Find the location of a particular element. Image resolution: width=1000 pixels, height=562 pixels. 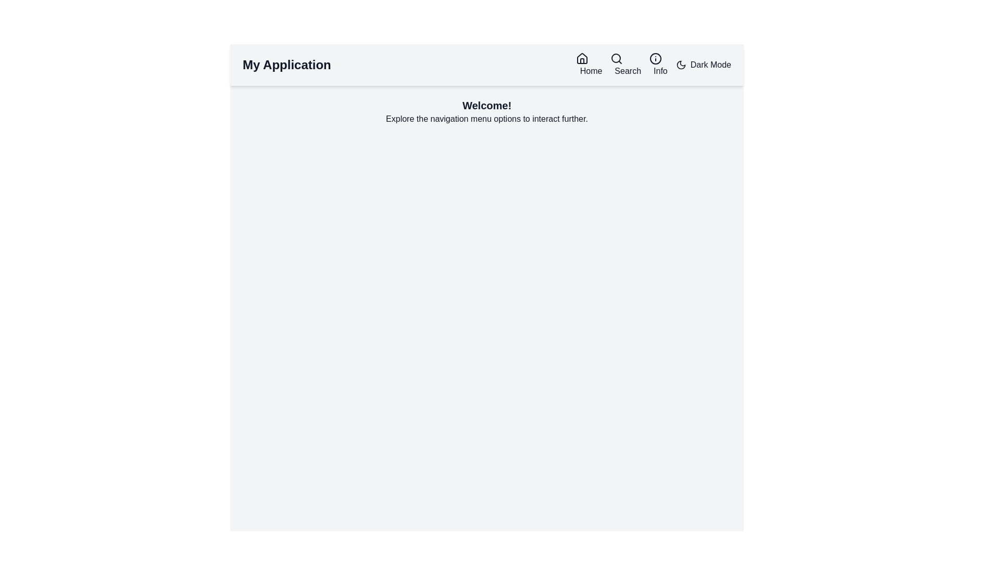

the 'Search' button, which features a magnifying glass icon followed by the label 'Search', located as the second item in the horizontal menu bar is located at coordinates (625, 65).